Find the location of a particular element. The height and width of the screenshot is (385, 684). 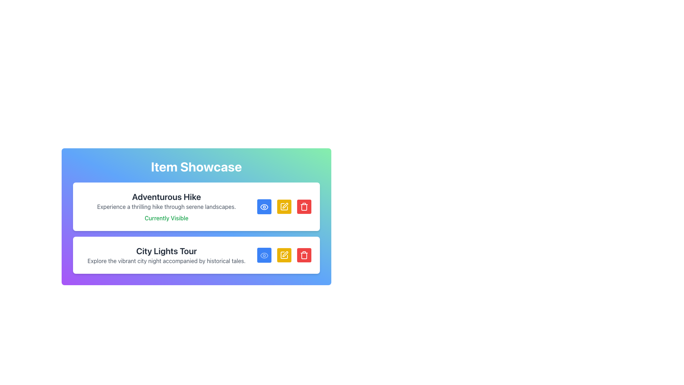

the edit icon located in the bottom group of options, which is the second icon associated with 'City Lights Tour', to initiate editing functionality is located at coordinates (284, 255).